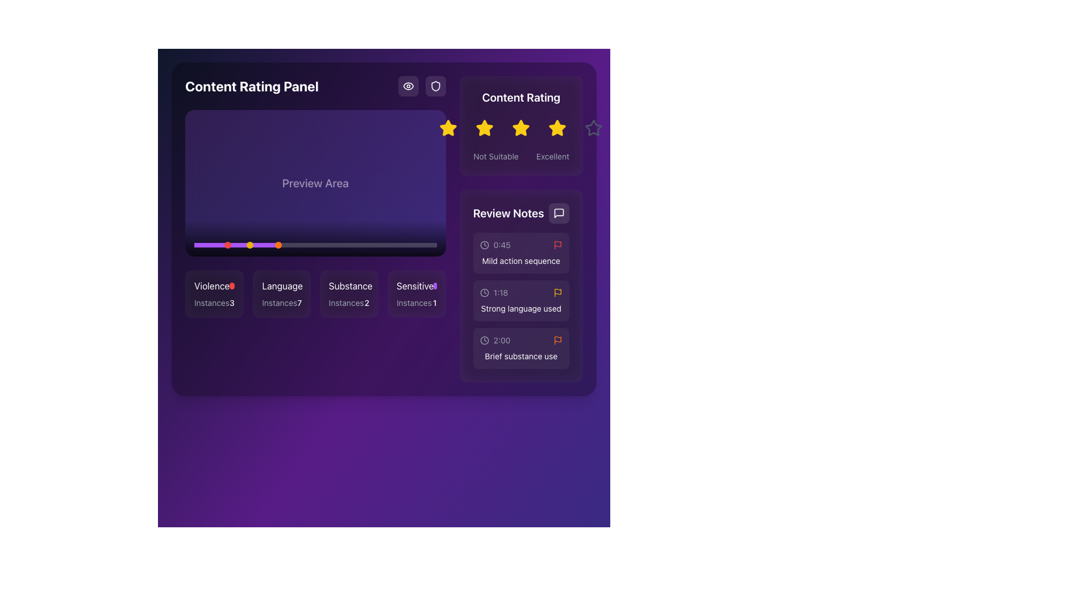 This screenshot has height=613, width=1091. I want to click on text content of the label displaying 'Content Rating Panel', which is styled with white, bold text in a large font size and is located within the header section of the interface, so click(315, 85).